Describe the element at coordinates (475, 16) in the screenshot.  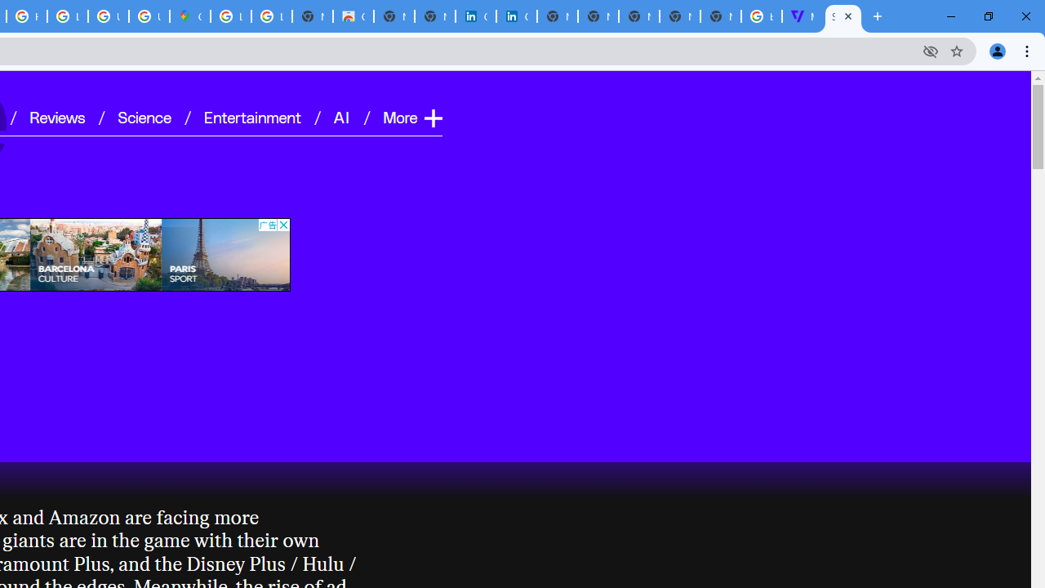
I see `'Cookie Policy | LinkedIn'` at that location.